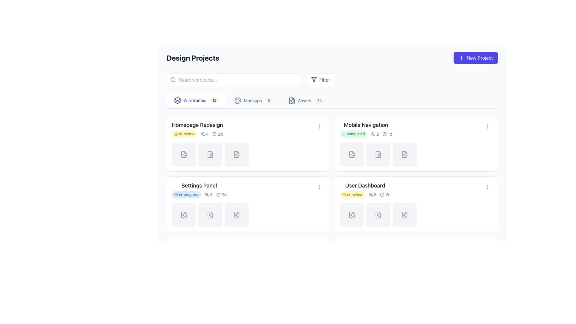 The image size is (576, 324). What do you see at coordinates (365, 194) in the screenshot?
I see `status indication from the small yellow badge labeled 'in-review' located in the lower part of the 'User Dashboard' card` at bounding box center [365, 194].